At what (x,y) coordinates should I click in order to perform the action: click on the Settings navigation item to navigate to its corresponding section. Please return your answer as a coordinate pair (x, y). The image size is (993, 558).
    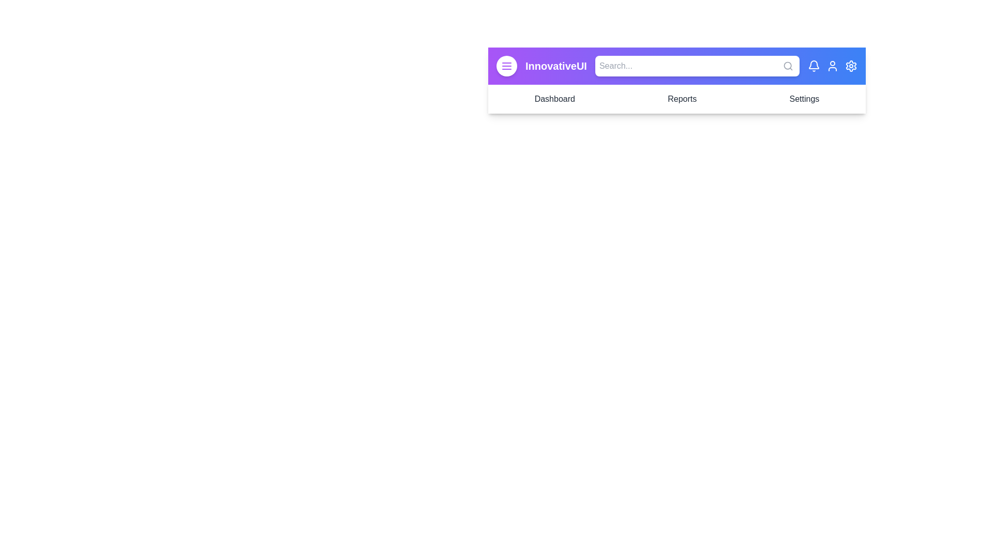
    Looking at the image, I should click on (804, 99).